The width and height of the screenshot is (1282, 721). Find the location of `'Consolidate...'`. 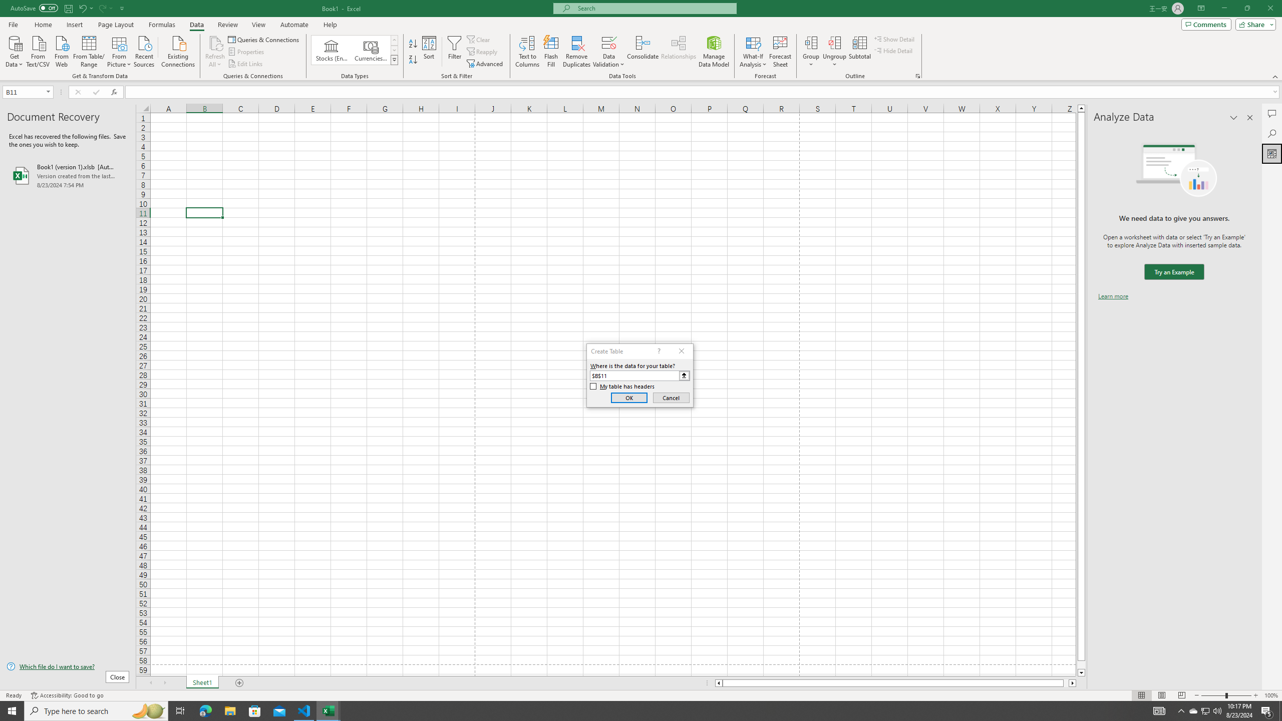

'Consolidate...' is located at coordinates (643, 52).